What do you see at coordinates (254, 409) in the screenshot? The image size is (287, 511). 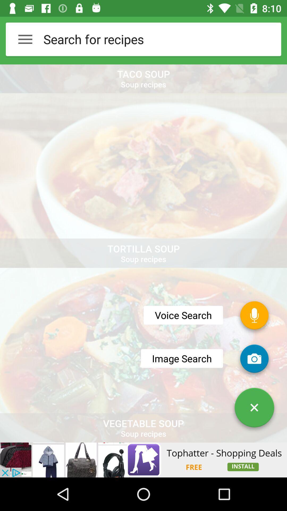 I see `the close icon` at bounding box center [254, 409].